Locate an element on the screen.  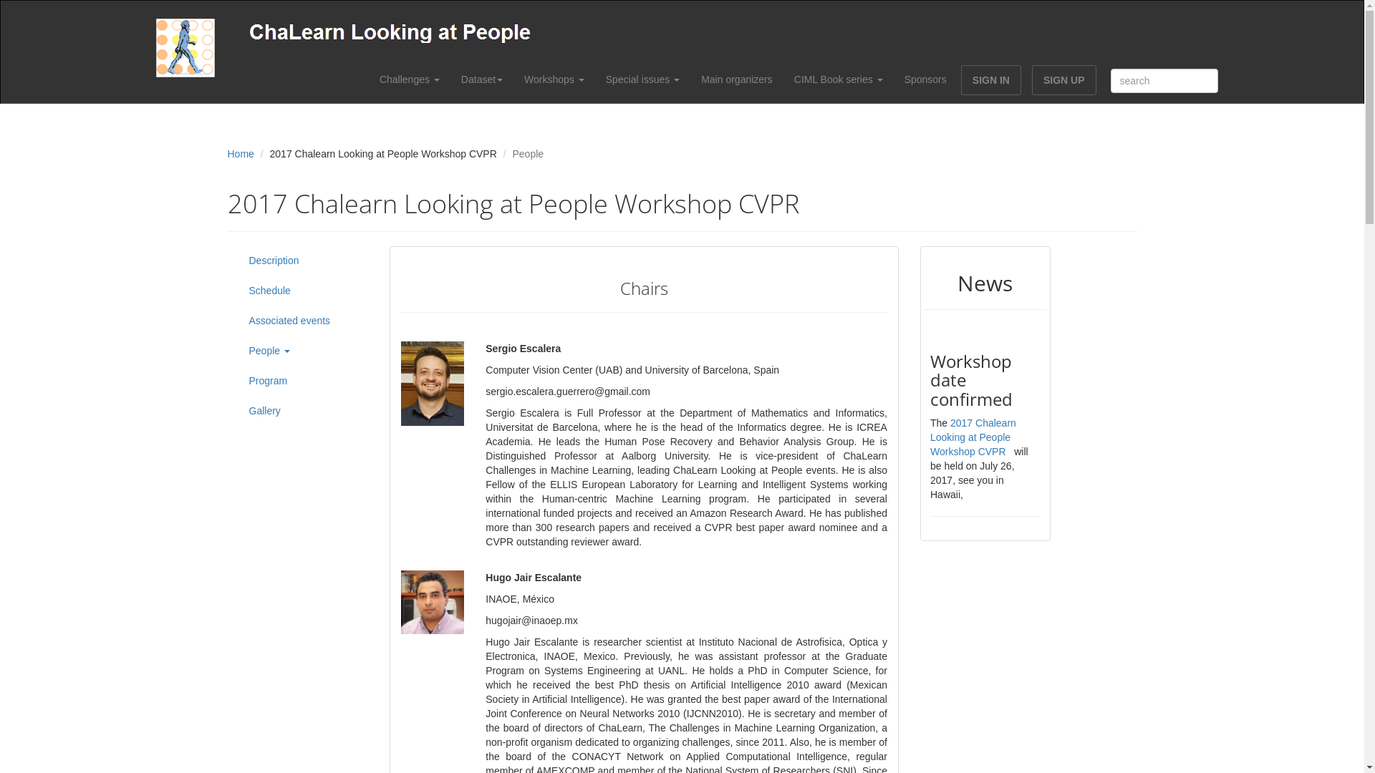
'Schedule' is located at coordinates (301, 290).